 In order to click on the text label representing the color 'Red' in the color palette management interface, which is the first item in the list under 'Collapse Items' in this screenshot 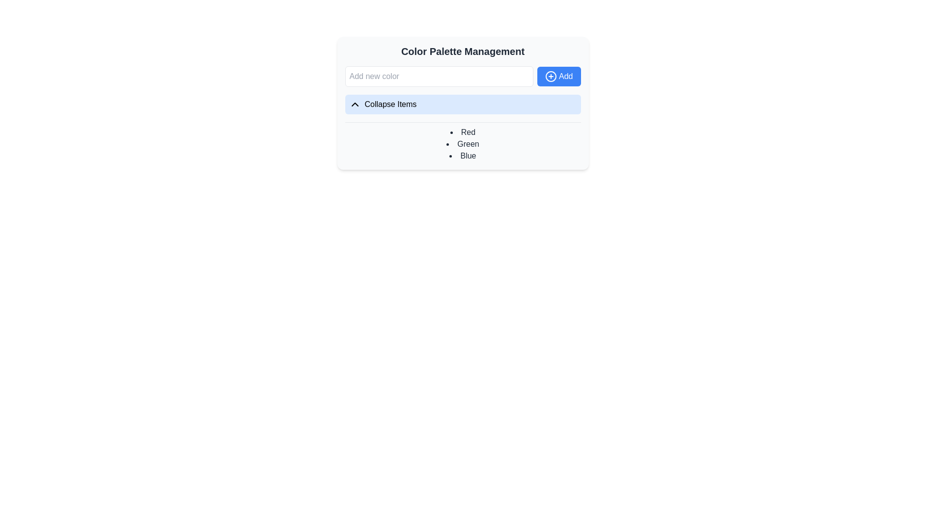, I will do `click(462, 132)`.